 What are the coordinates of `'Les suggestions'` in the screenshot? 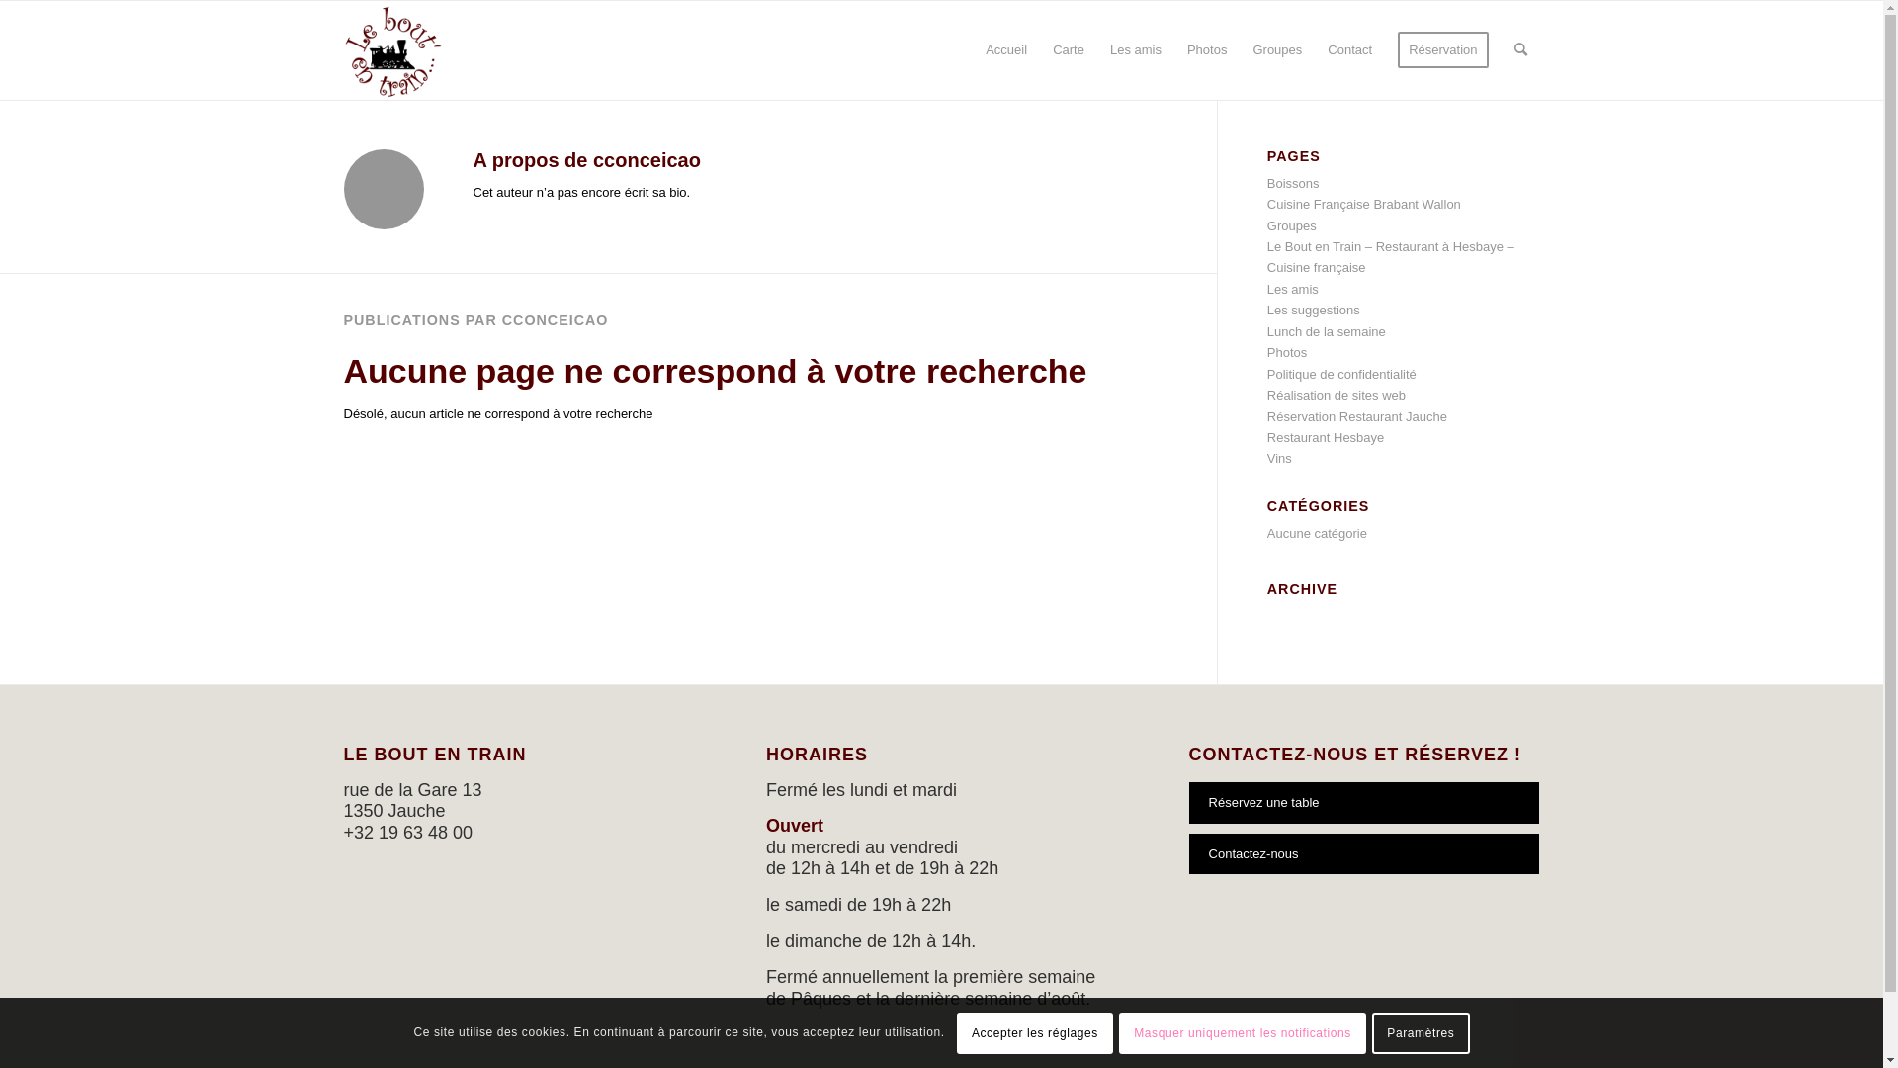 It's located at (1314, 310).